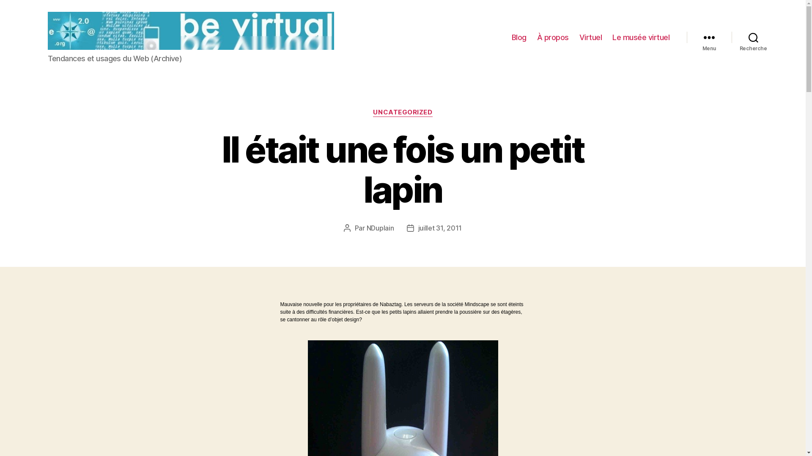 This screenshot has width=812, height=456. I want to click on 'UNCATEGORIZED', so click(373, 112).